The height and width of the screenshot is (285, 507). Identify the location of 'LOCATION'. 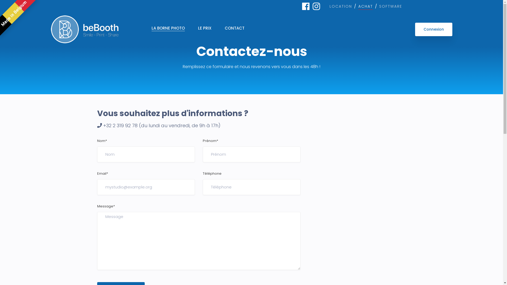
(341, 6).